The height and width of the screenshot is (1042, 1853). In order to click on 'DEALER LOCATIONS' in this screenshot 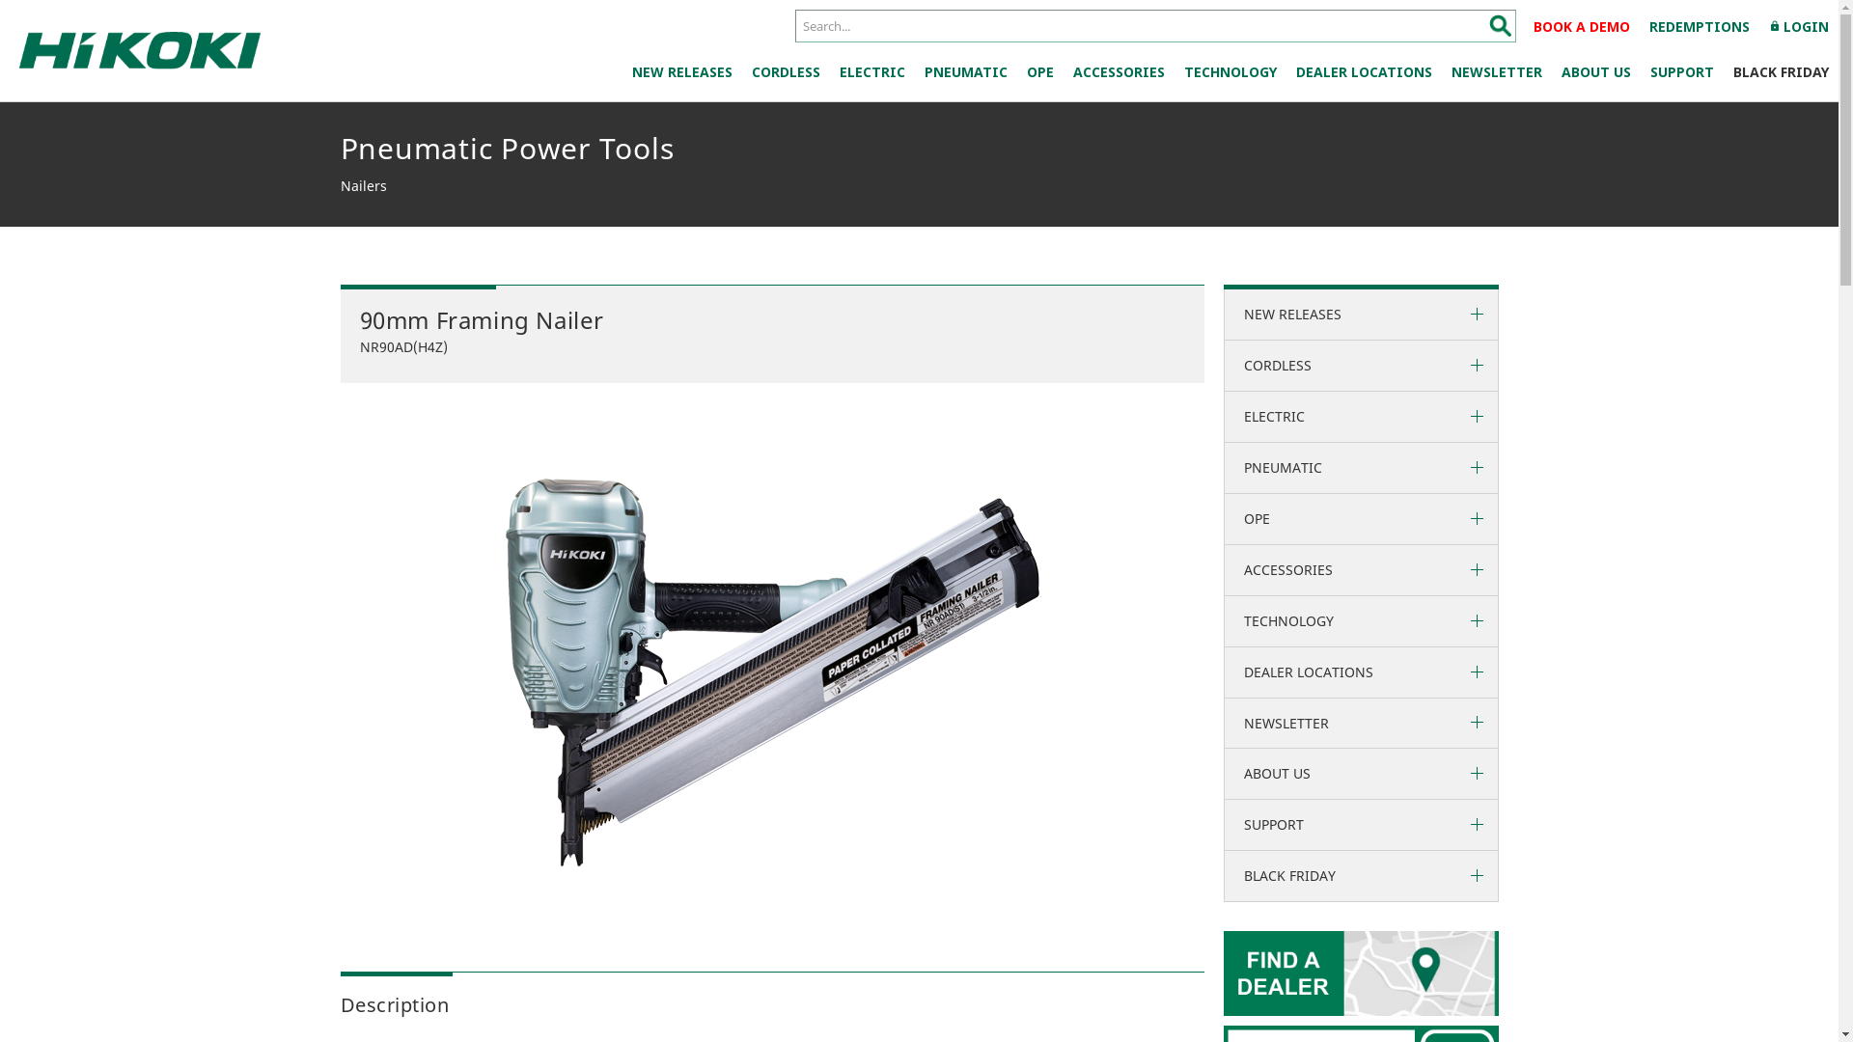, I will do `click(1359, 672)`.